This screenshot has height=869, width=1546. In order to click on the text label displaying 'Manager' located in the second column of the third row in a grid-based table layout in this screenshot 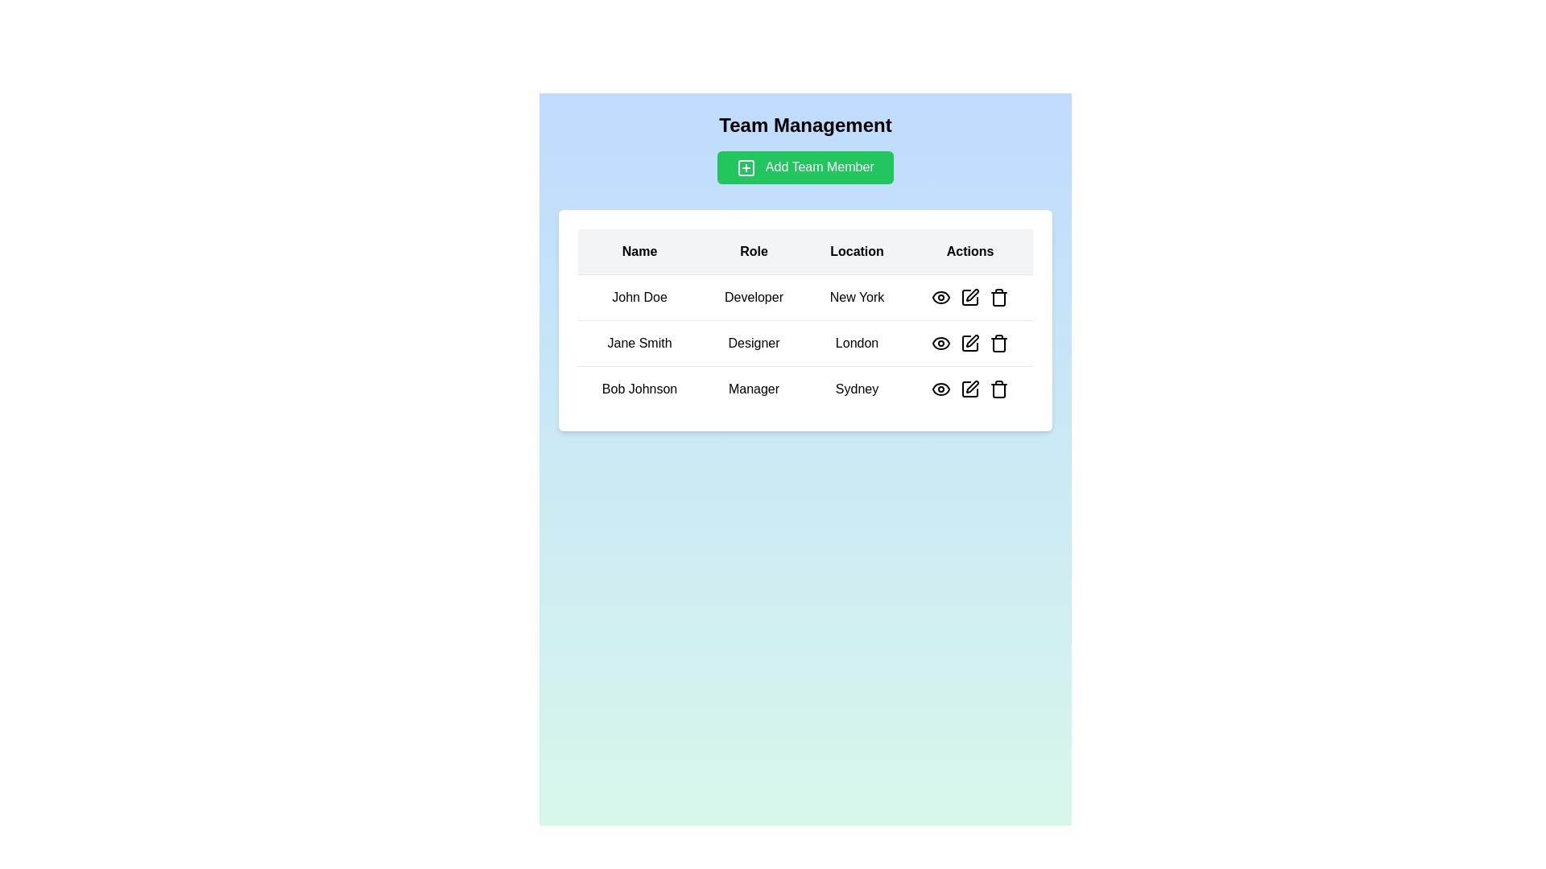, I will do `click(753, 389)`.